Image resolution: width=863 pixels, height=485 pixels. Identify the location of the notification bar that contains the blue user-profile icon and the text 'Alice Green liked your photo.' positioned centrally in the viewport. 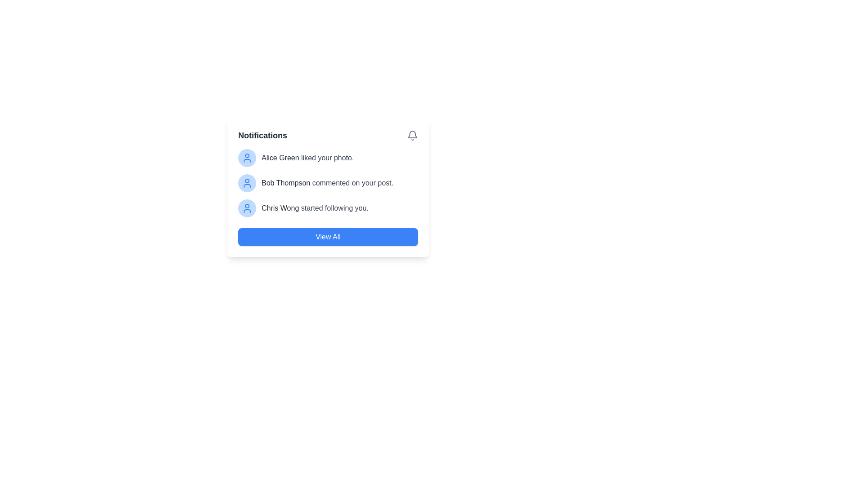
(327, 157).